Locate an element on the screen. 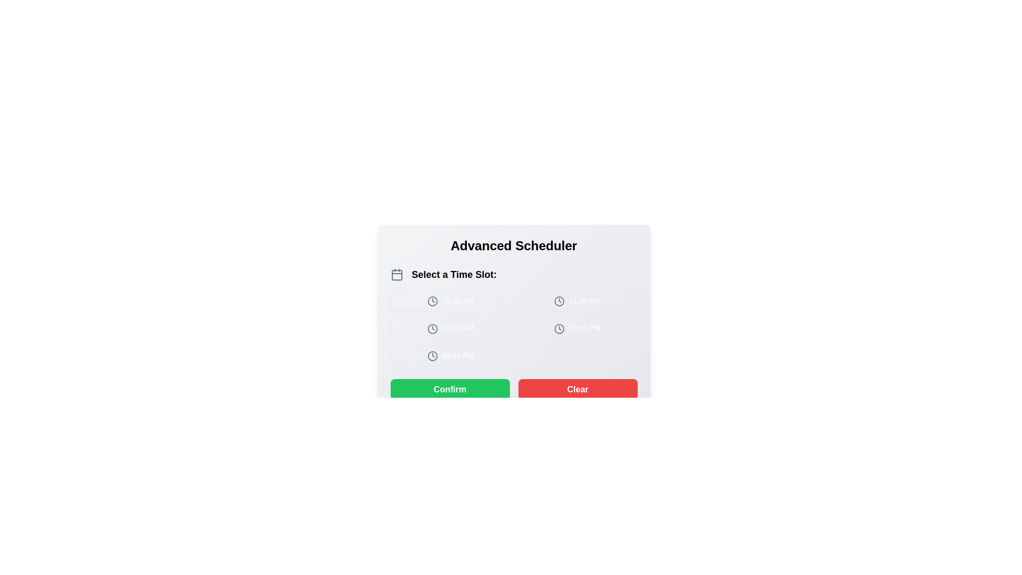 The width and height of the screenshot is (1022, 575). the green 'Confirm' button with rounded corners located in the horizontal button group at the bottom of the interface to confirm the action is located at coordinates (450, 389).